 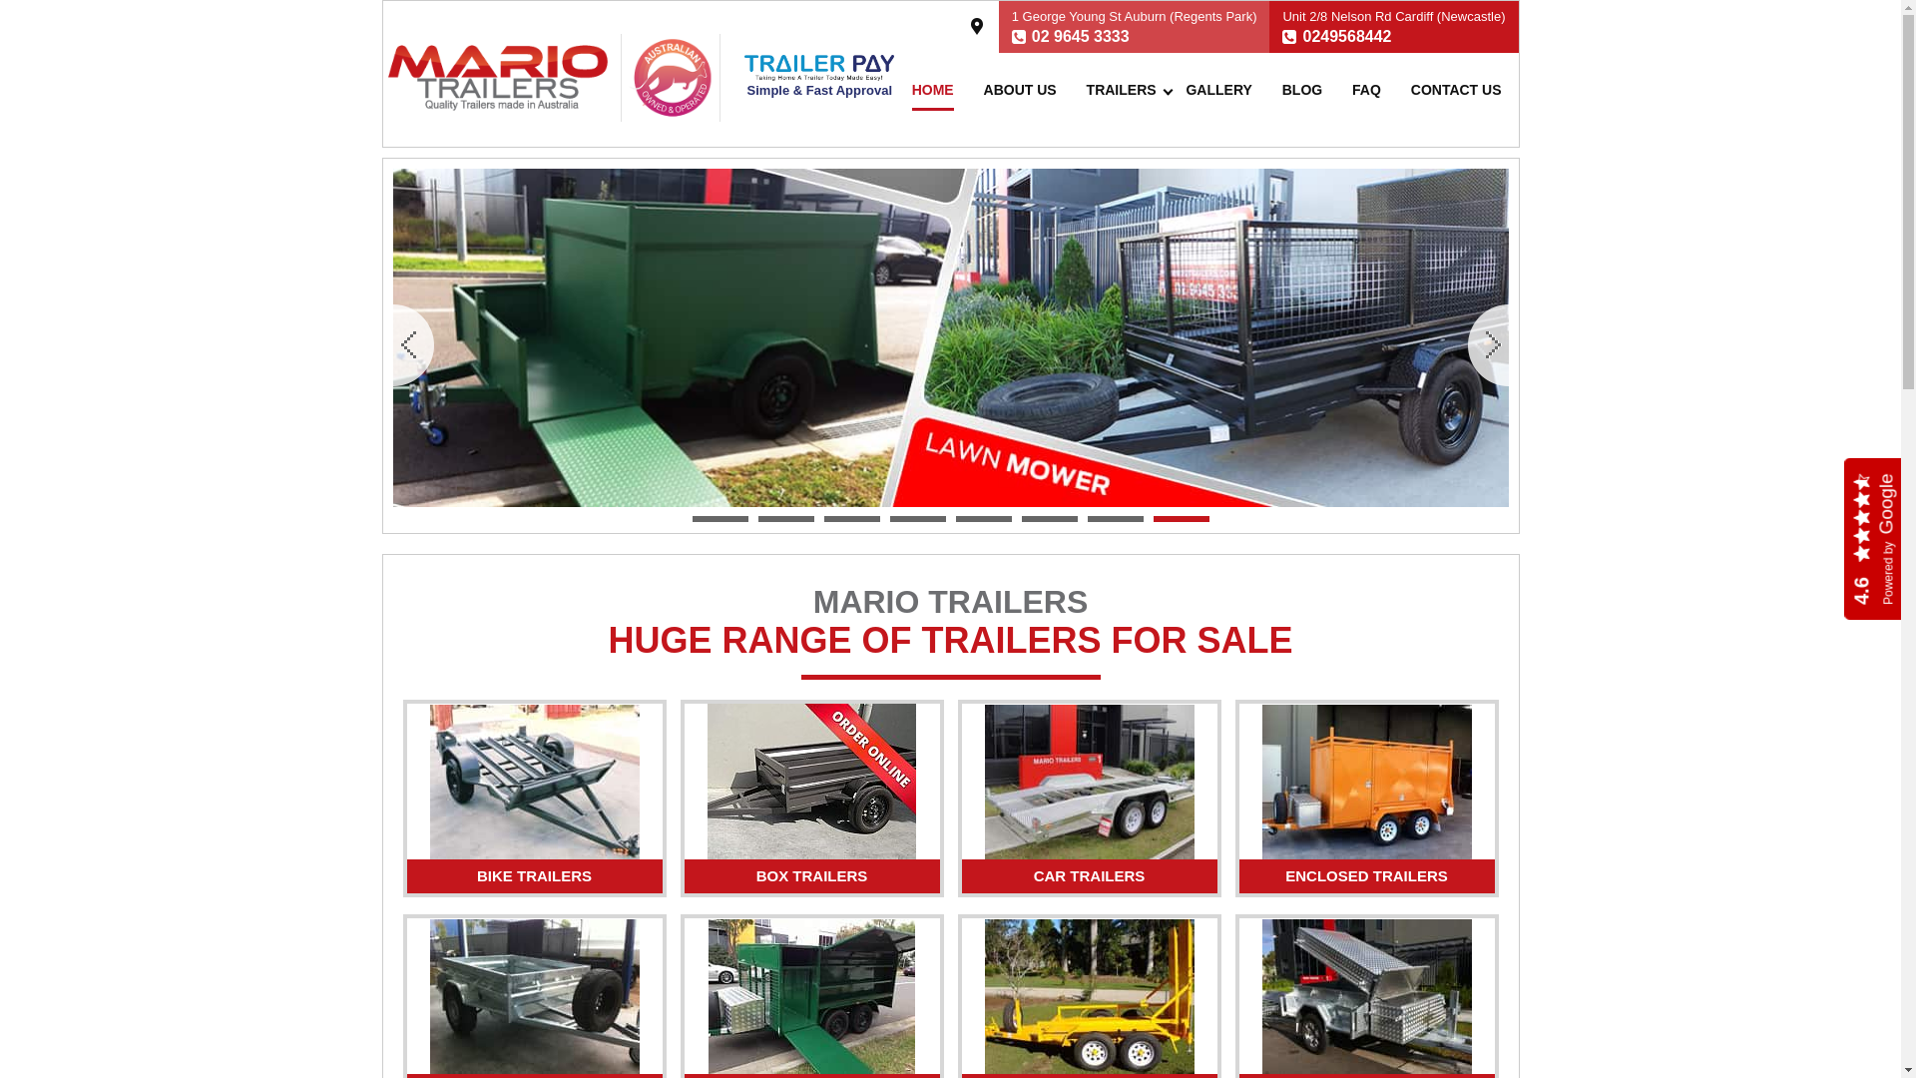 I want to click on '6', so click(x=1048, y=518).